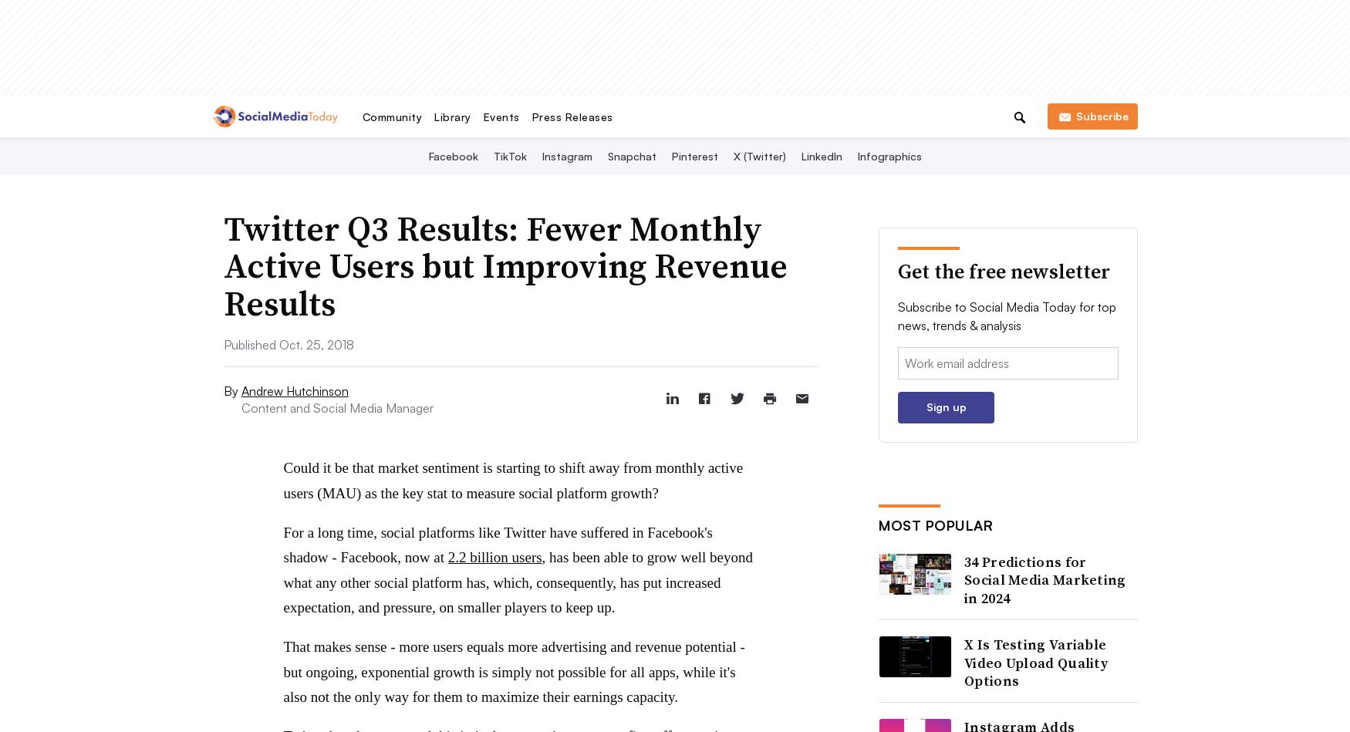 This screenshot has width=1350, height=732. I want to click on 'Subscribe', so click(1099, 115).